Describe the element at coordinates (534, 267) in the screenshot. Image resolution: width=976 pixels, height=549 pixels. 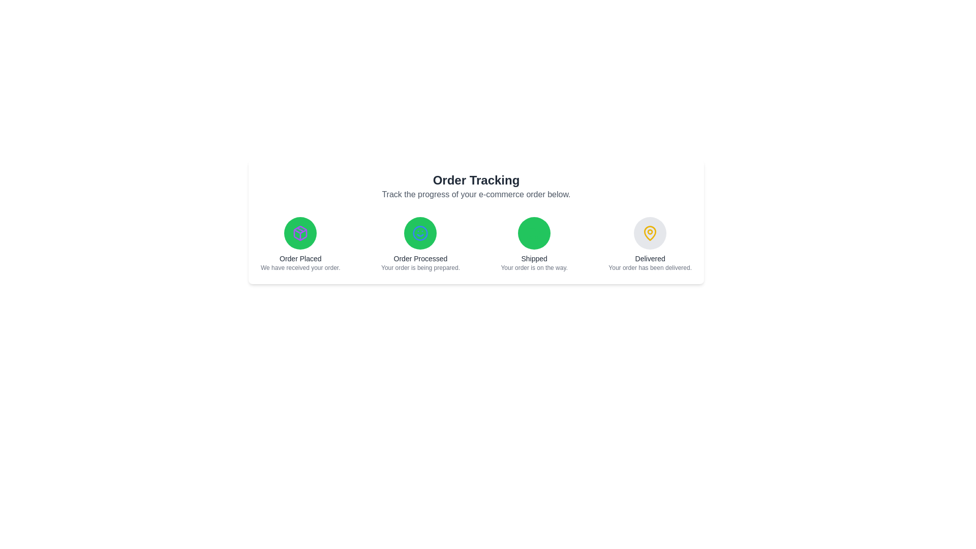
I see `the status text indicating that the user's order is currently in transit, located beneath the 'Shipped' icon in the progress indicator` at that location.